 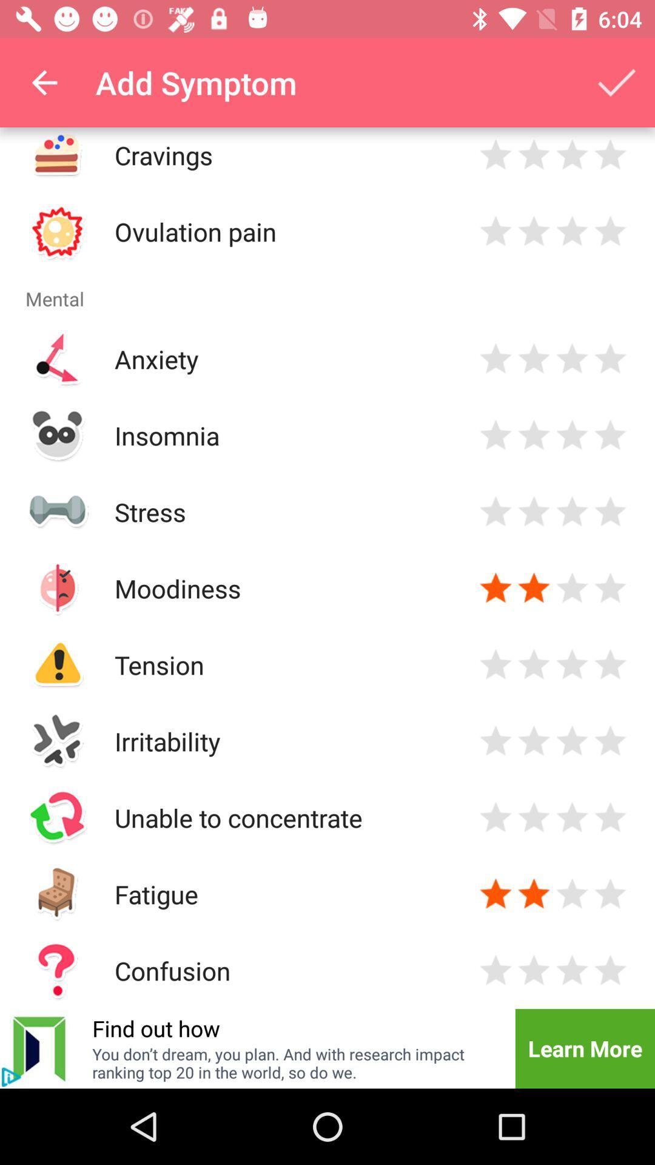 I want to click on rank insomnia two stars, so click(x=533, y=435).